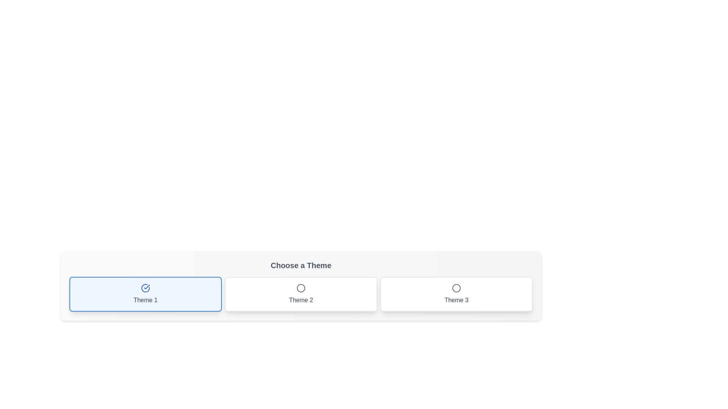 The height and width of the screenshot is (409, 728). I want to click on the 'Theme 2' icon, which visually indicates the selection state or category of this theme option, so click(300, 288).